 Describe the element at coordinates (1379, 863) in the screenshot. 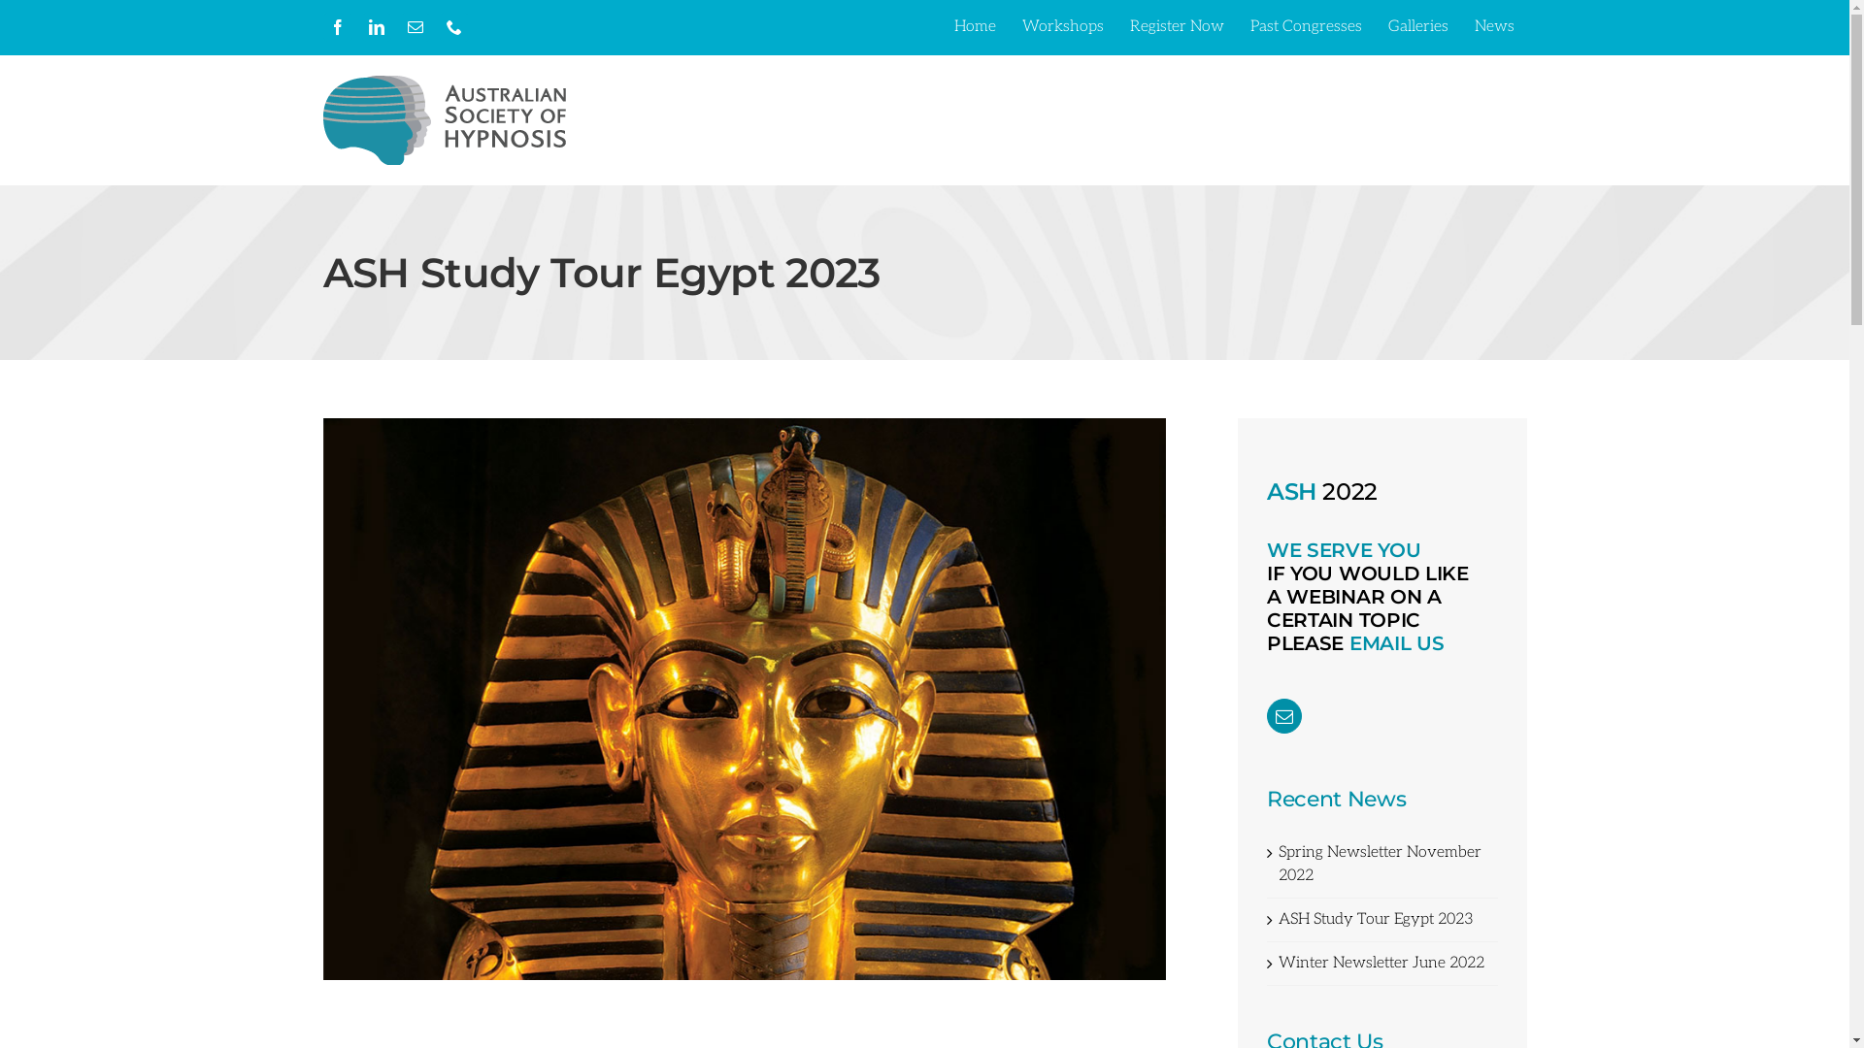

I see `'Spring Newsletter November 2022'` at that location.